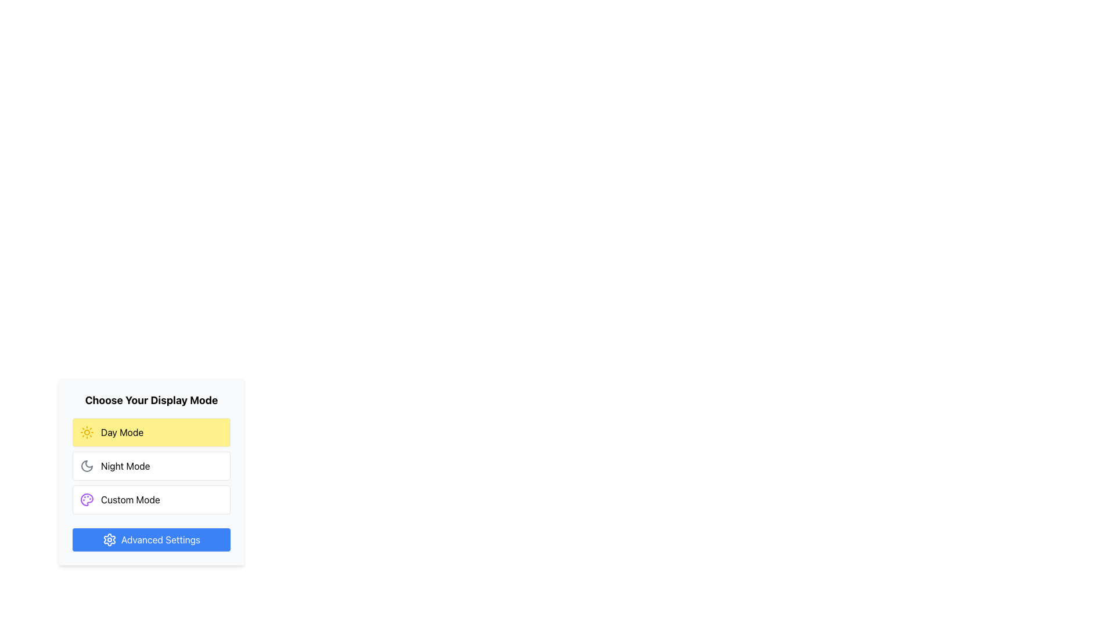 The height and width of the screenshot is (627, 1115). Describe the element at coordinates (109, 539) in the screenshot. I see `the settings icon located to the left of the 'Advanced Settings' button in the grouped settings selection panel` at that location.